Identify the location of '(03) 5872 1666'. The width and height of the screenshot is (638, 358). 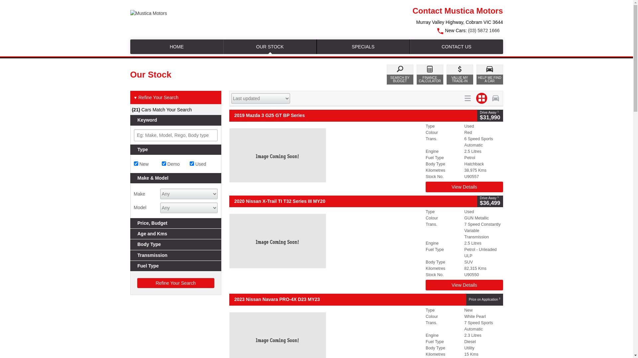
(484, 30).